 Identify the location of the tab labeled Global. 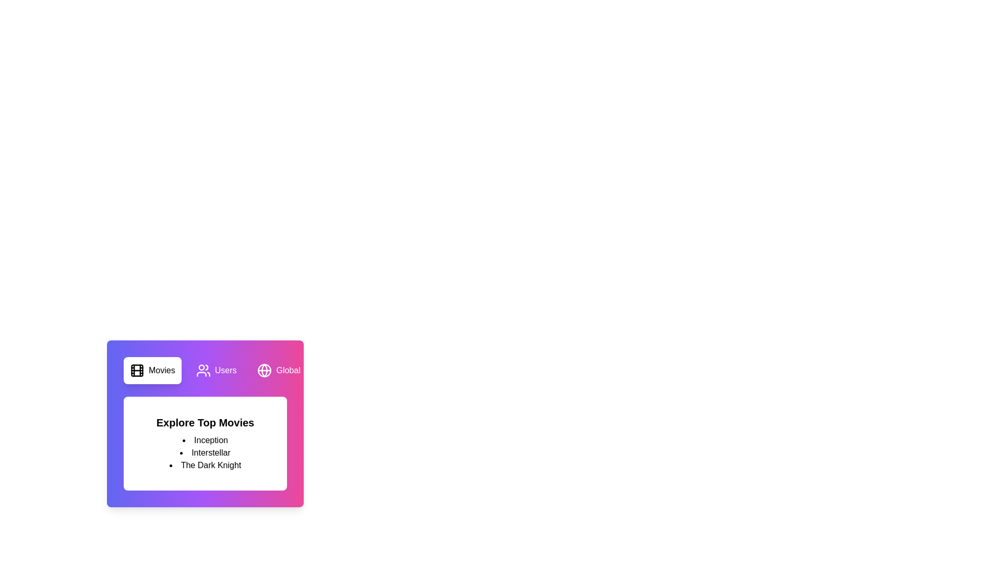
(278, 370).